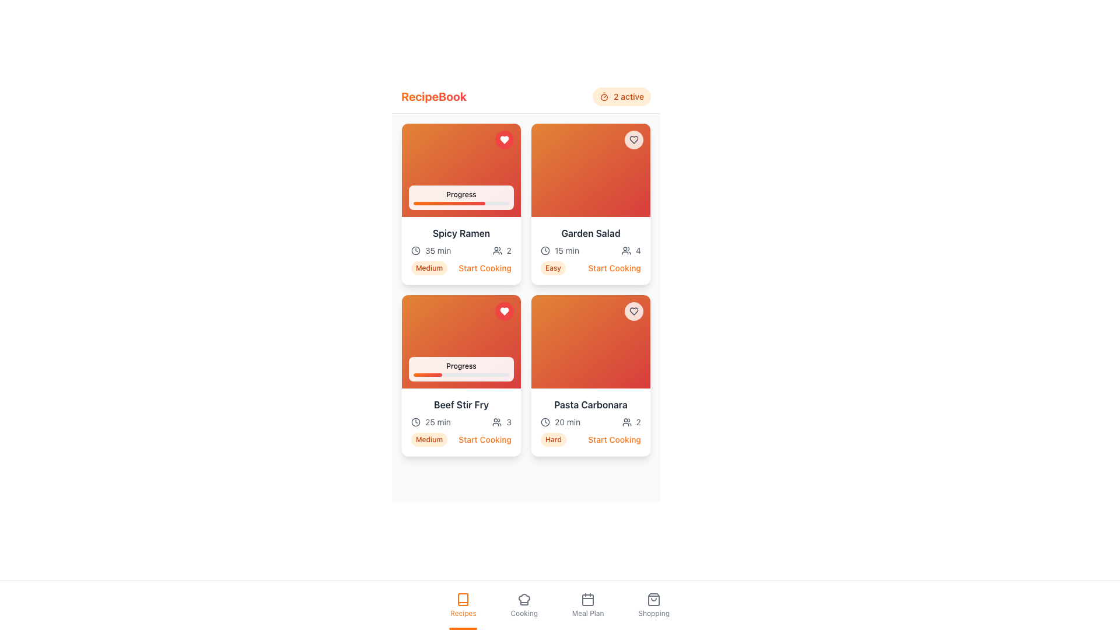 This screenshot has width=1120, height=630. I want to click on the text label indicating the estimated time duration for the 'Pasta Carbonara' recipe, so click(561, 422).